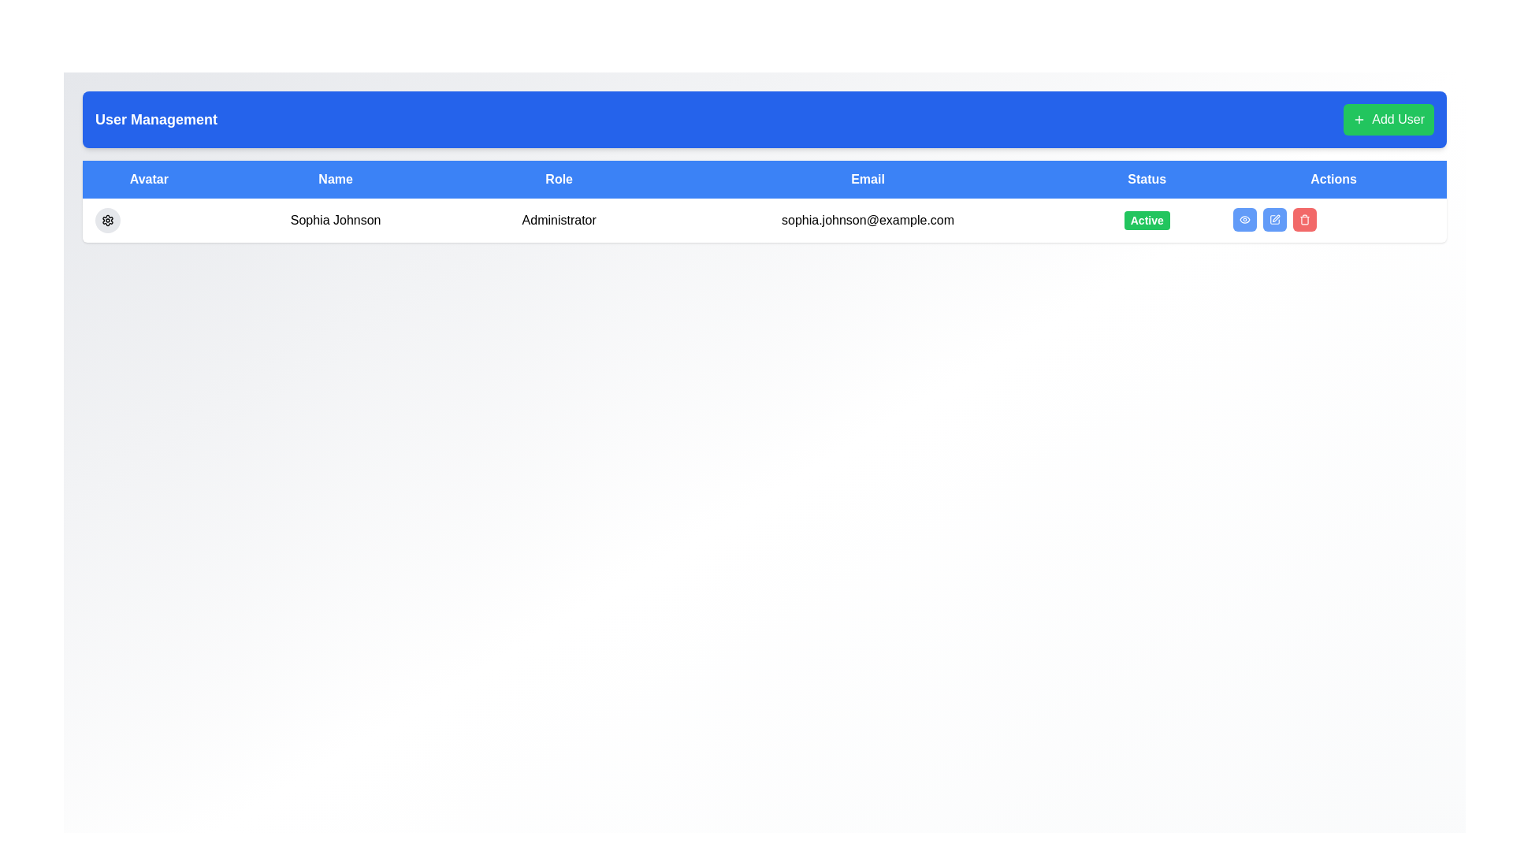 Image resolution: width=1513 pixels, height=851 pixels. I want to click on the green rectangular 'Active' status badge located in the 'Status' column of the row labeled 'Sophia Johnson', so click(1147, 221).